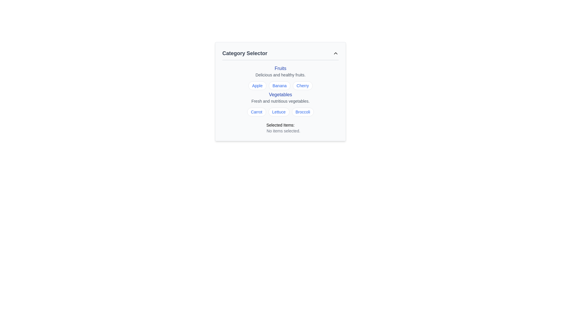  What do you see at coordinates (257, 112) in the screenshot?
I see `the 'Carrot' button in the 'Vegetables' category` at bounding box center [257, 112].